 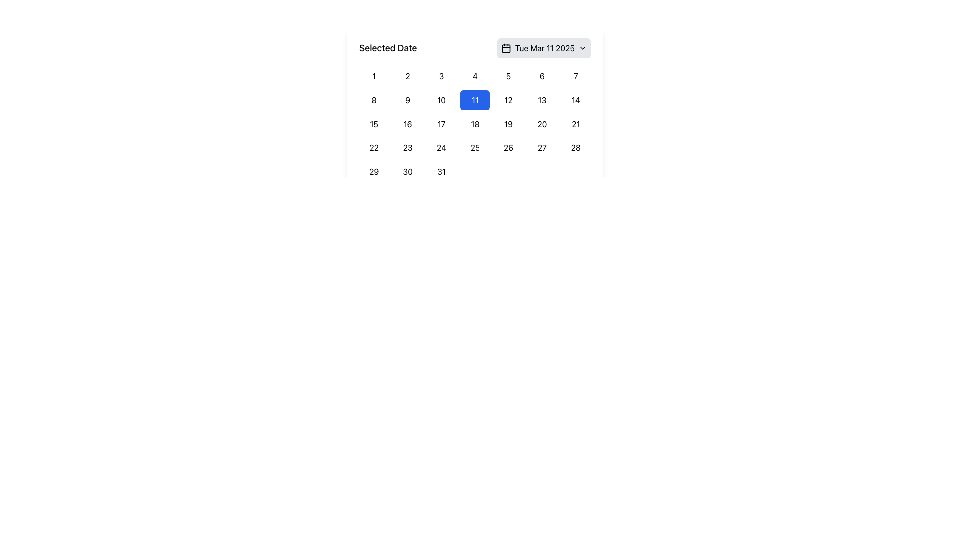 What do you see at coordinates (508, 124) in the screenshot?
I see `the calendar button representing the 19th day of the month` at bounding box center [508, 124].